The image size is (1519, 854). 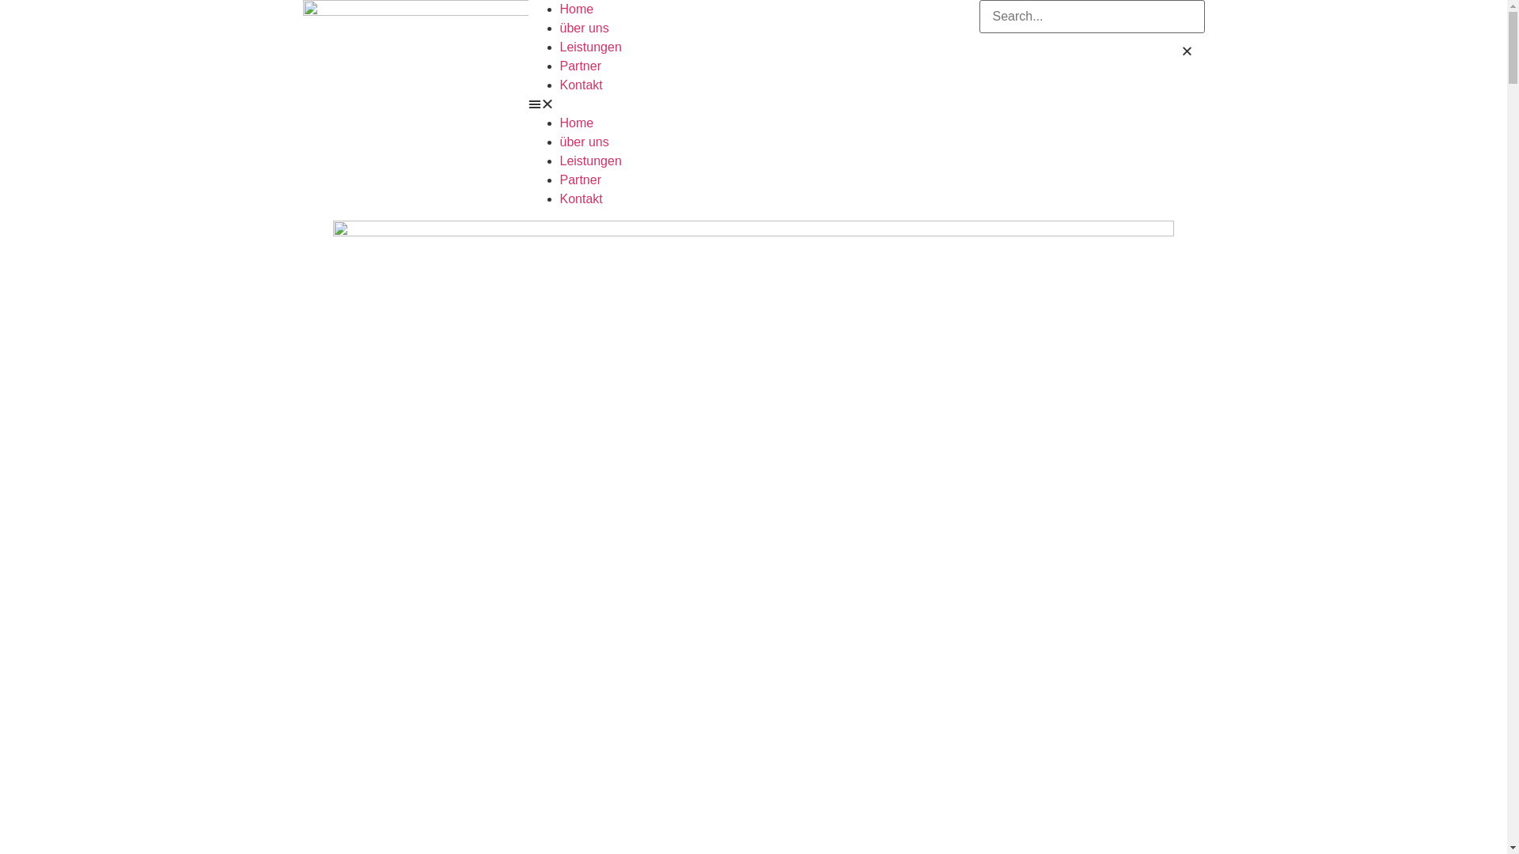 I want to click on 'Kontakt', so click(x=580, y=85).